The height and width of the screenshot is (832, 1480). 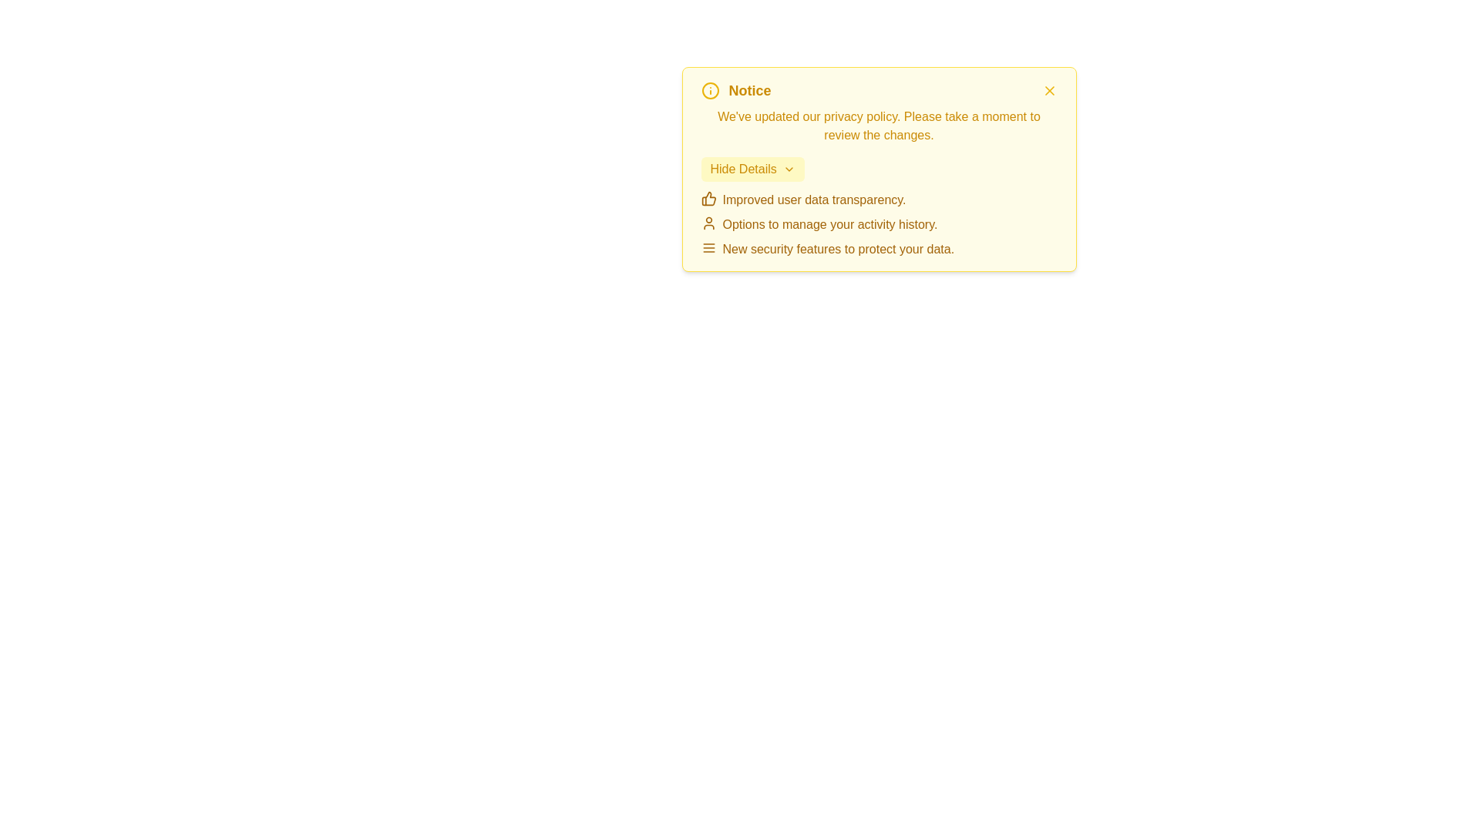 What do you see at coordinates (708, 247) in the screenshot?
I see `the Hamburger Menu icon, which consists of three horizontal lines, located to the left of the text 'New security features to protect your data.'` at bounding box center [708, 247].